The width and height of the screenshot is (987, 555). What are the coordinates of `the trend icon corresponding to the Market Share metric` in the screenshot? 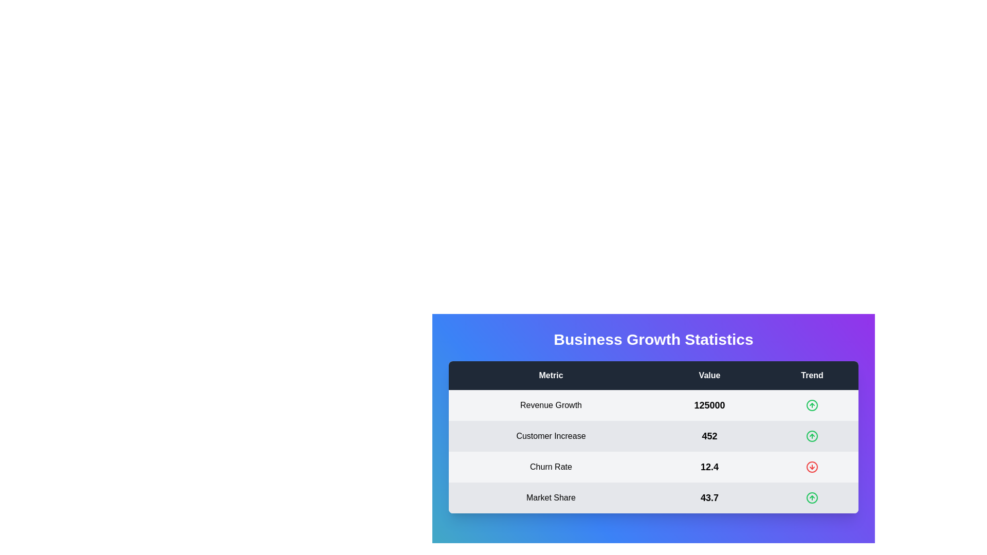 It's located at (811, 497).